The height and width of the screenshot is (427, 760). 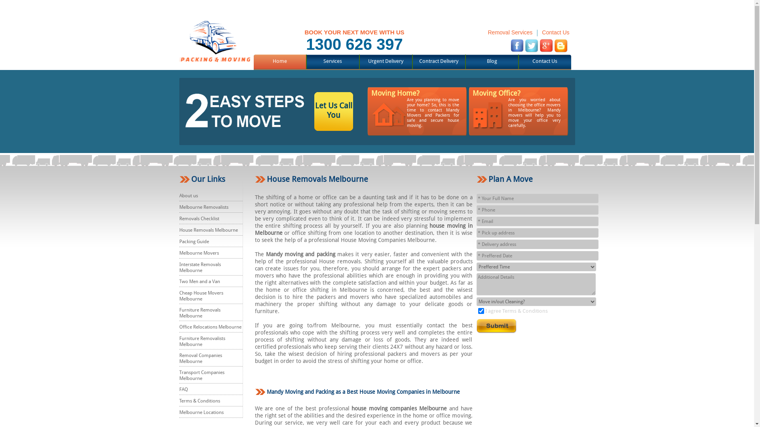 I want to click on '1300 626 397', so click(x=354, y=44).